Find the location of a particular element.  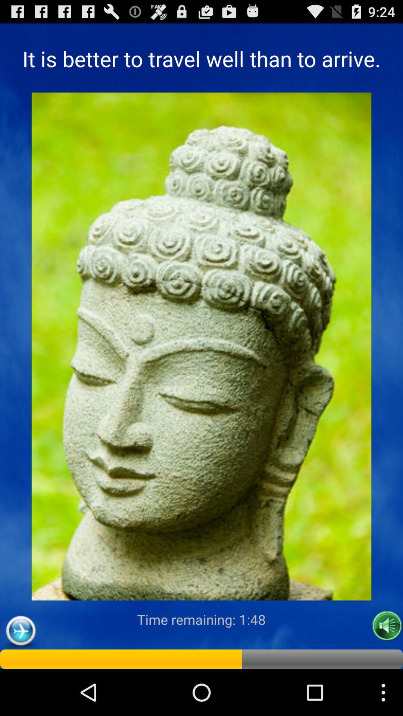

the flight icon is located at coordinates (20, 675).